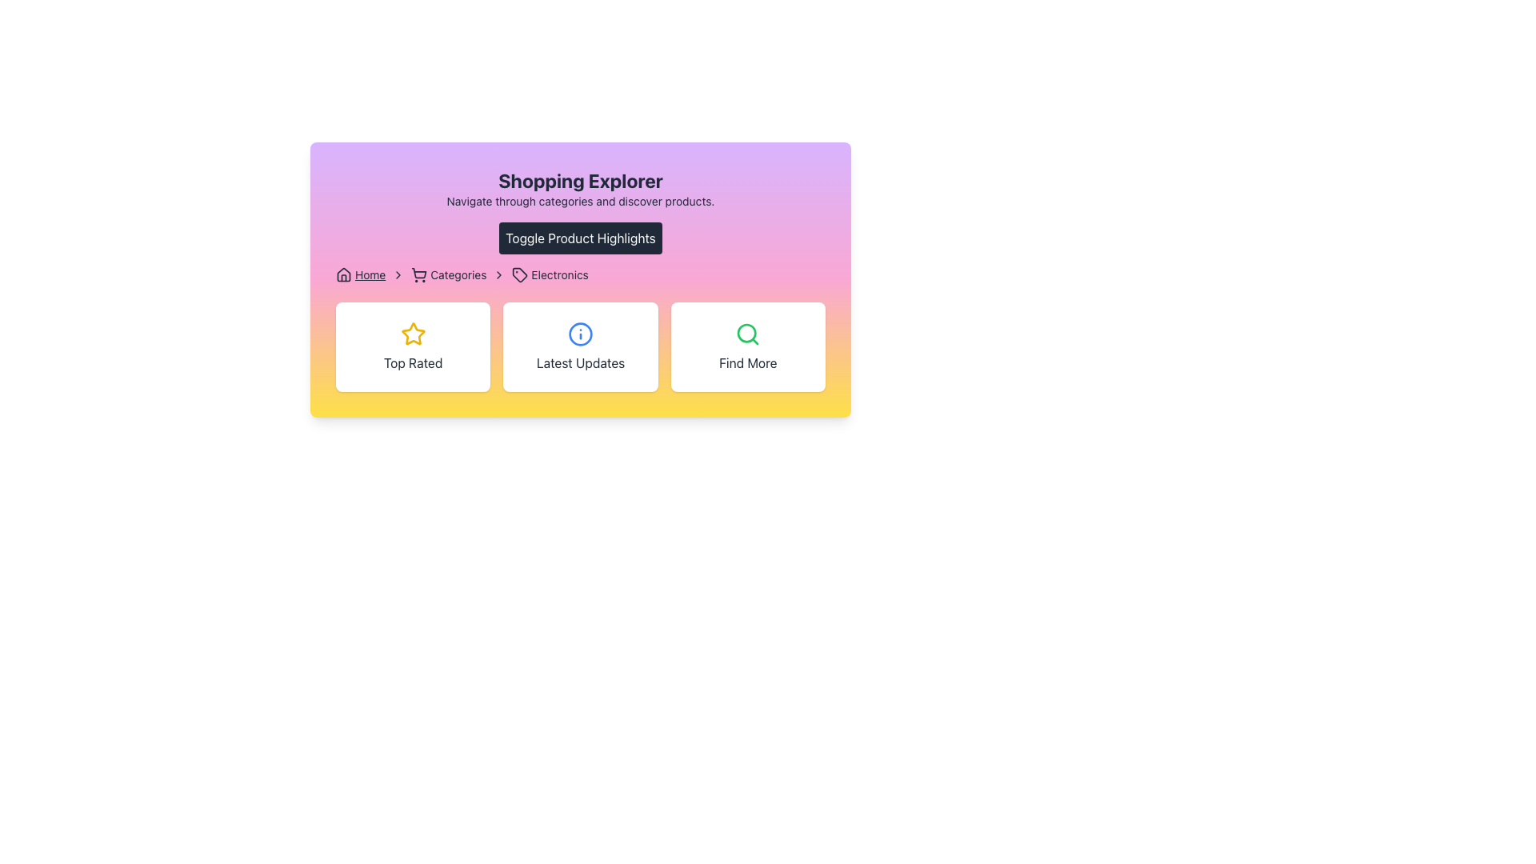 The image size is (1536, 864). What do you see at coordinates (370, 274) in the screenshot?
I see `the 'Home' hyperlink element in the breadcrumb navigation bar` at bounding box center [370, 274].